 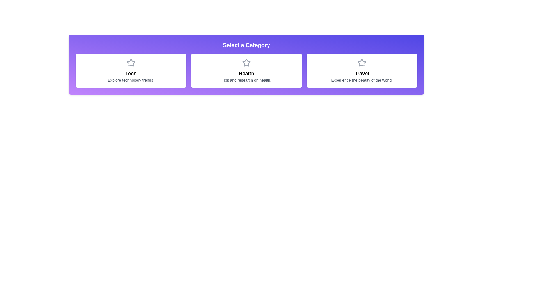 I want to click on text content of the Text Label which displays 'Health' in bold and 'Tips and research on health.' in gray, so click(x=246, y=76).